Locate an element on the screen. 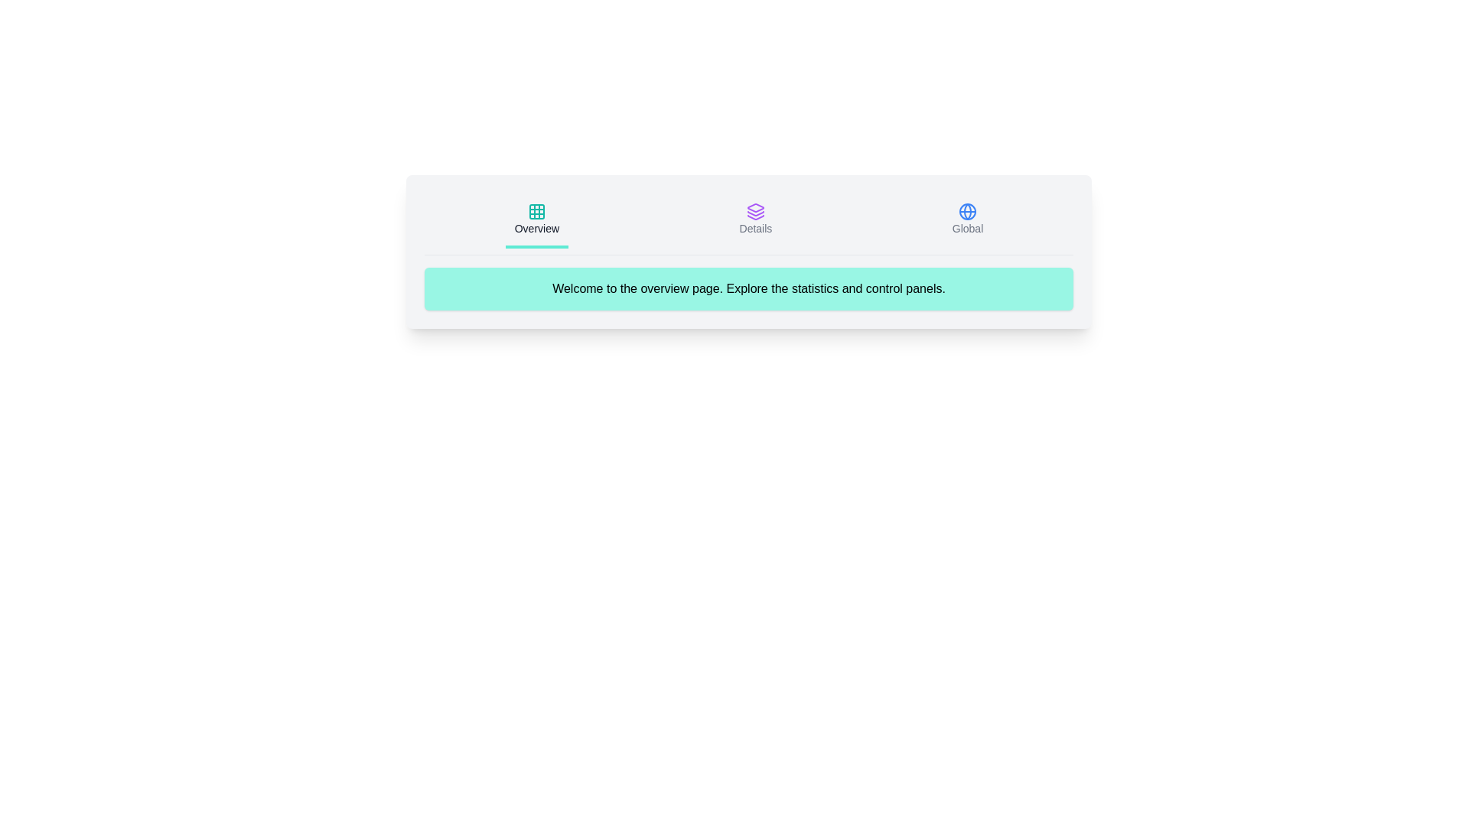  the Details tab to view its content is located at coordinates (755, 221).